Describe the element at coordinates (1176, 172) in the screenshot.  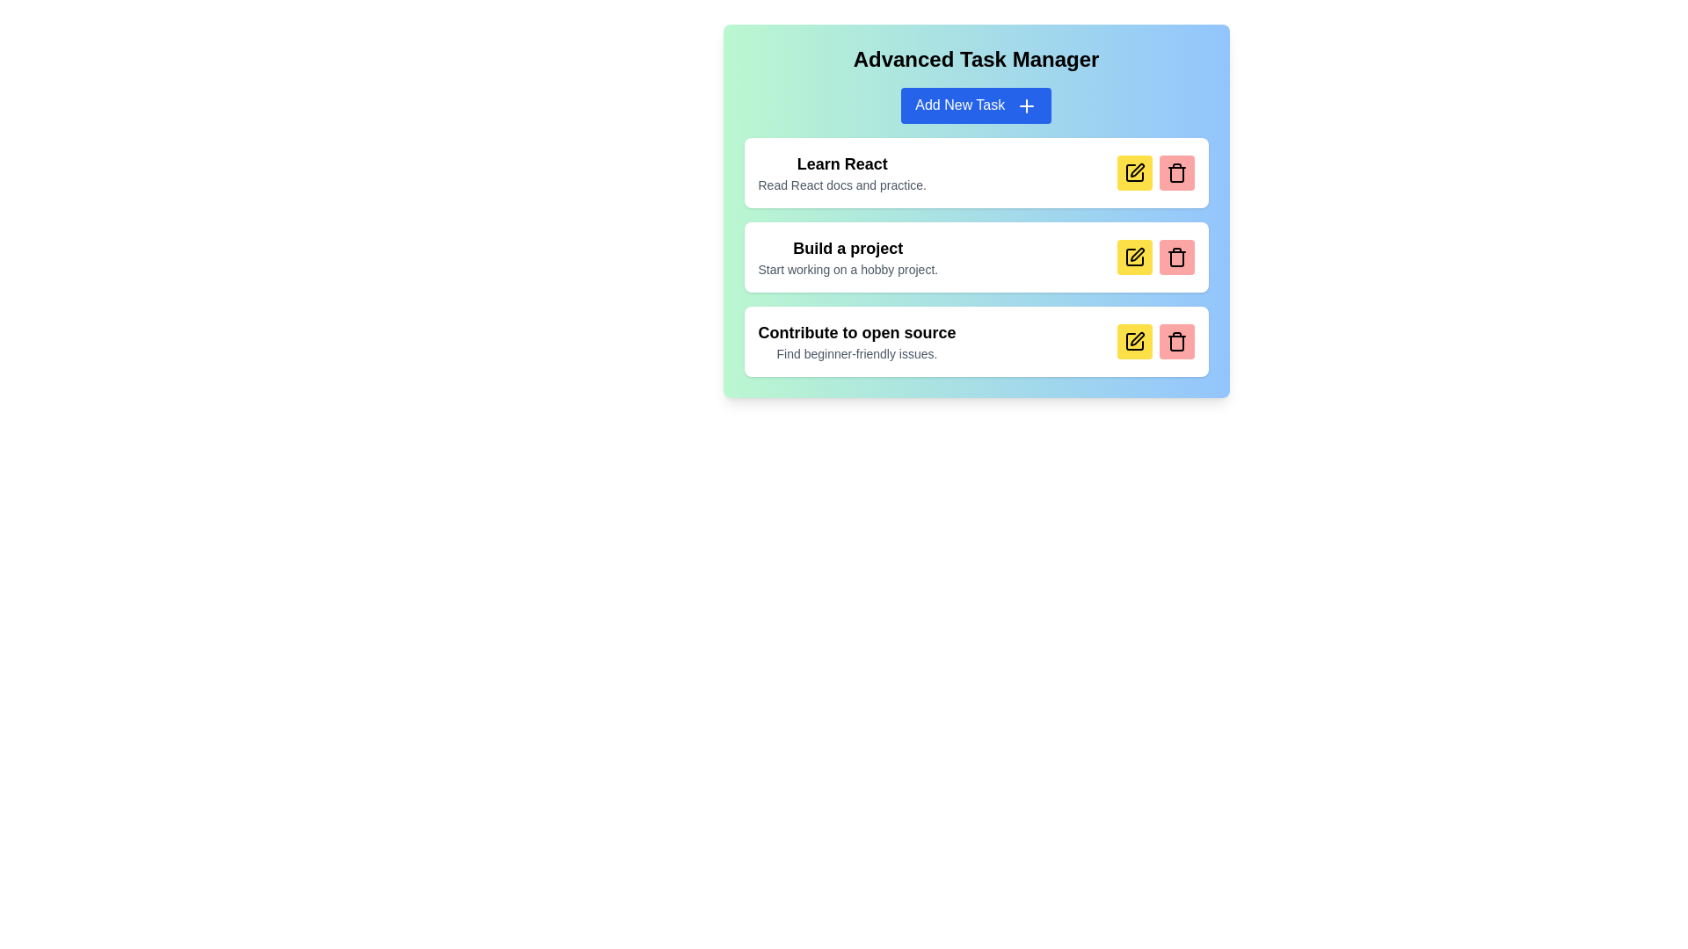
I see `the delete button for the task titled Learn React` at that location.